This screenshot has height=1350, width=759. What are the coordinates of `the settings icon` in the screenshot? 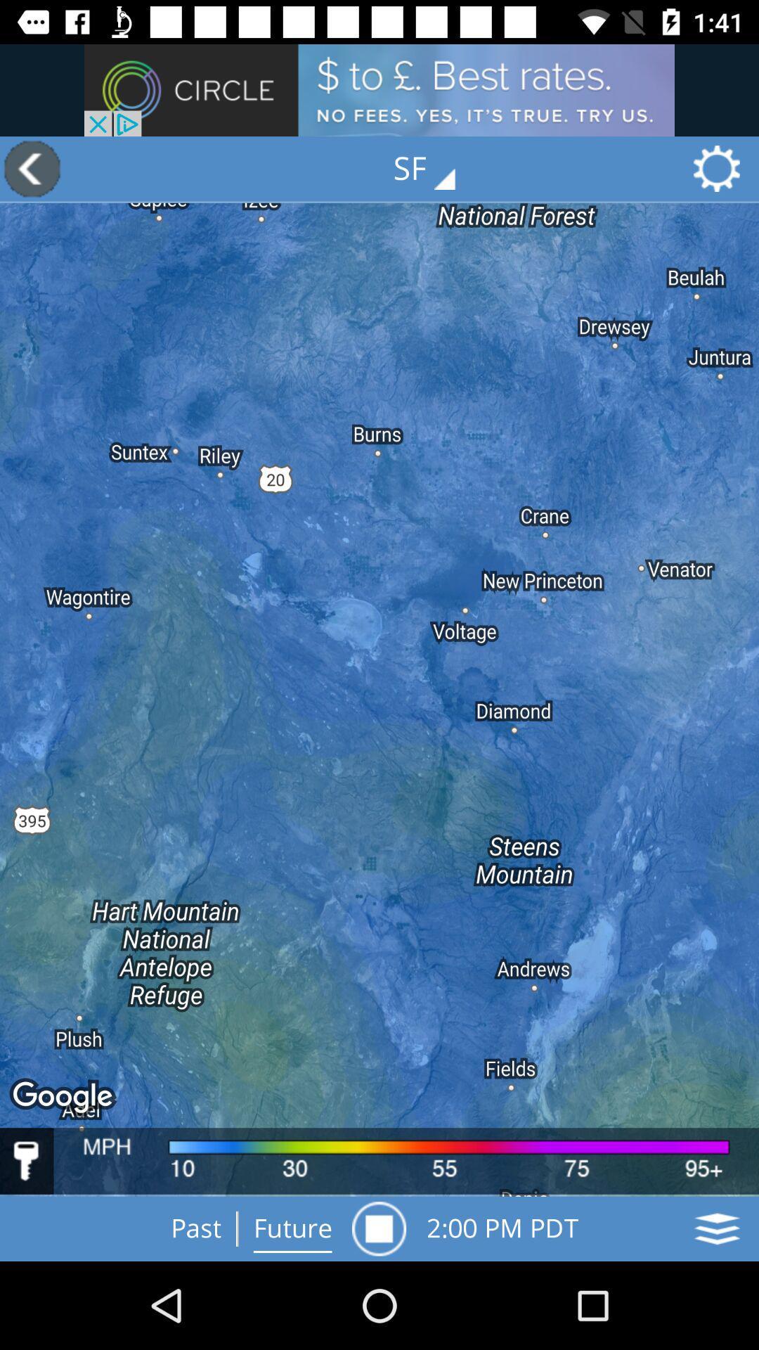 It's located at (721, 169).